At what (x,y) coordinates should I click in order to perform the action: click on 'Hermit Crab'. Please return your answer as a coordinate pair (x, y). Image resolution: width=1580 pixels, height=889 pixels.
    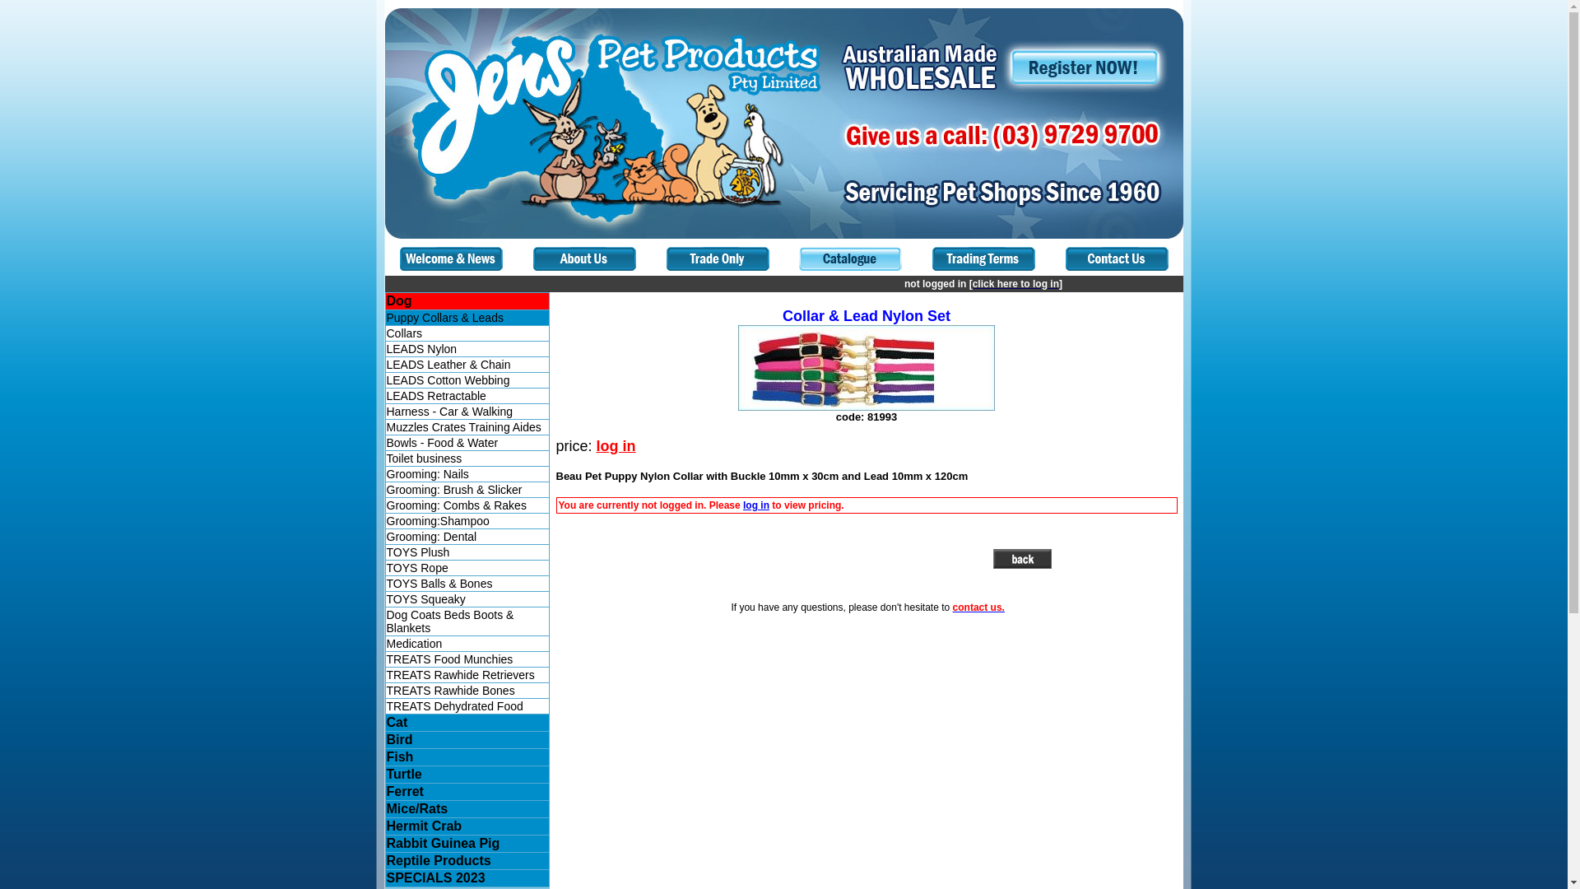
    Looking at the image, I should click on (465, 826).